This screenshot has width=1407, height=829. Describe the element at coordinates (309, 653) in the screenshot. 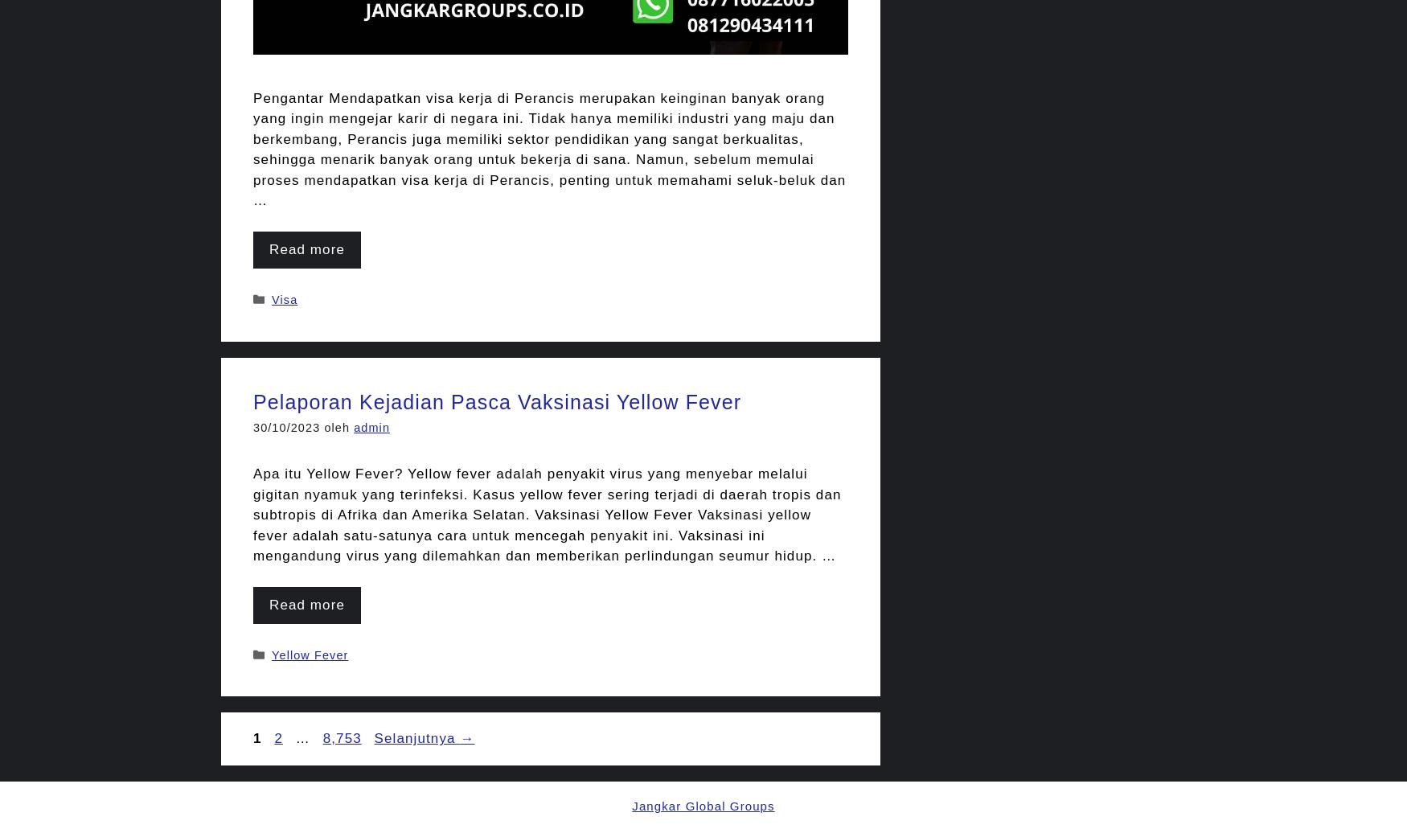

I see `'Yellow Fever'` at that location.